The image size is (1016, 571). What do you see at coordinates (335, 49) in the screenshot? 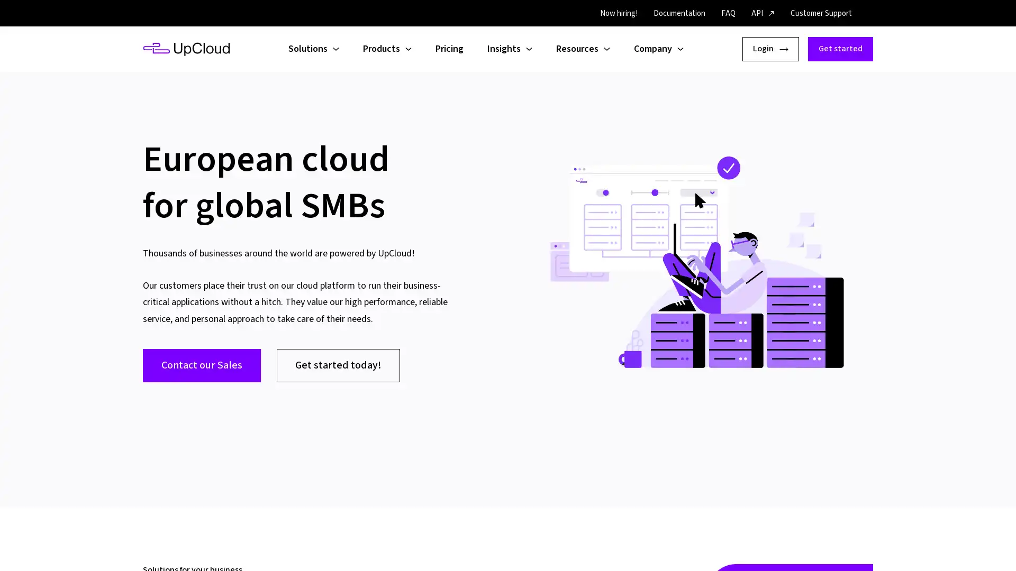
I see `Open child menu for Solutions` at bounding box center [335, 49].